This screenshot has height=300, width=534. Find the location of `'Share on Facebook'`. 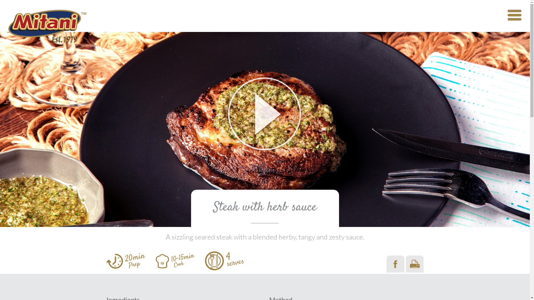

'Share on Facebook' is located at coordinates (386, 264).